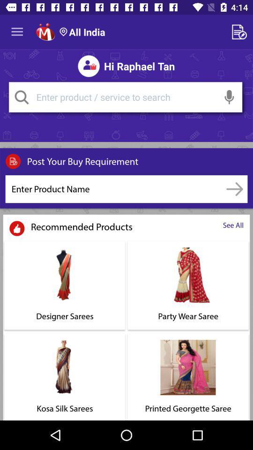  I want to click on next, so click(234, 188).